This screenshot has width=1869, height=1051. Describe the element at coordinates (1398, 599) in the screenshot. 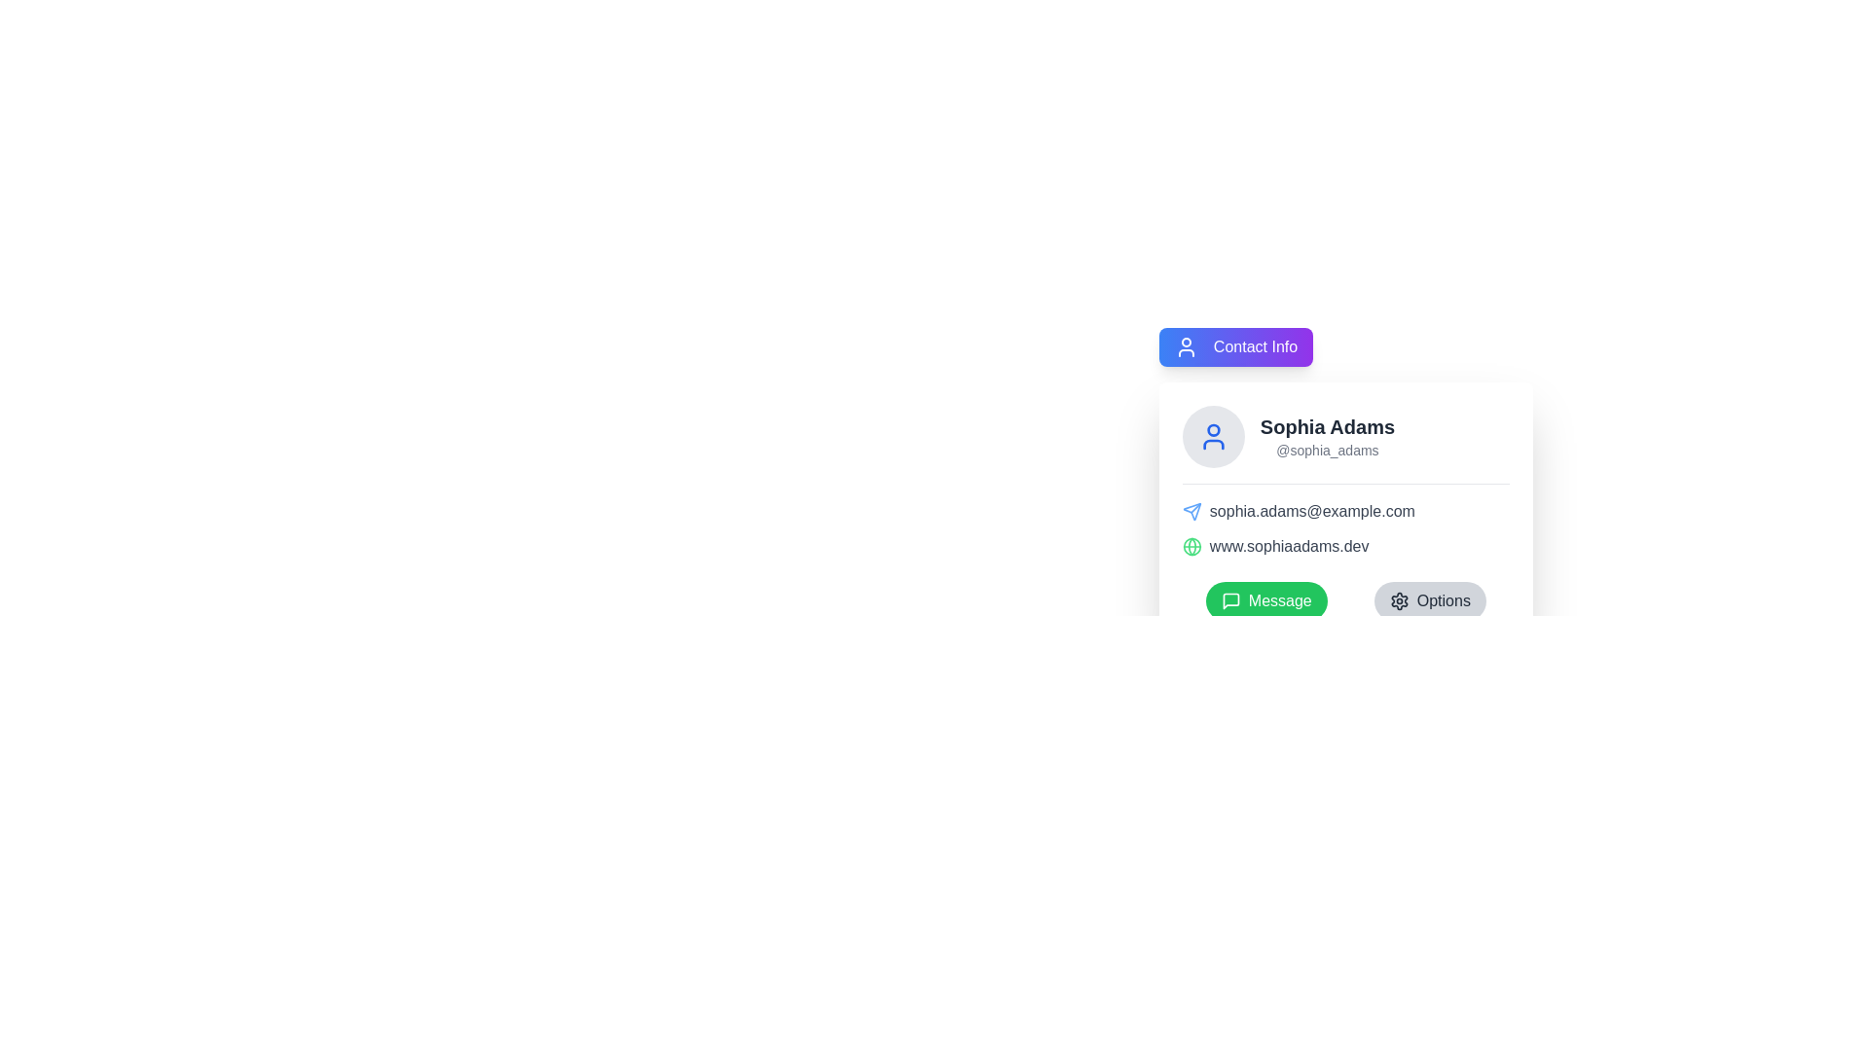

I see `the gear-shaped icon representing settings, located to the left of the label 'Options' in the bottom-right portion of the user information card` at that location.